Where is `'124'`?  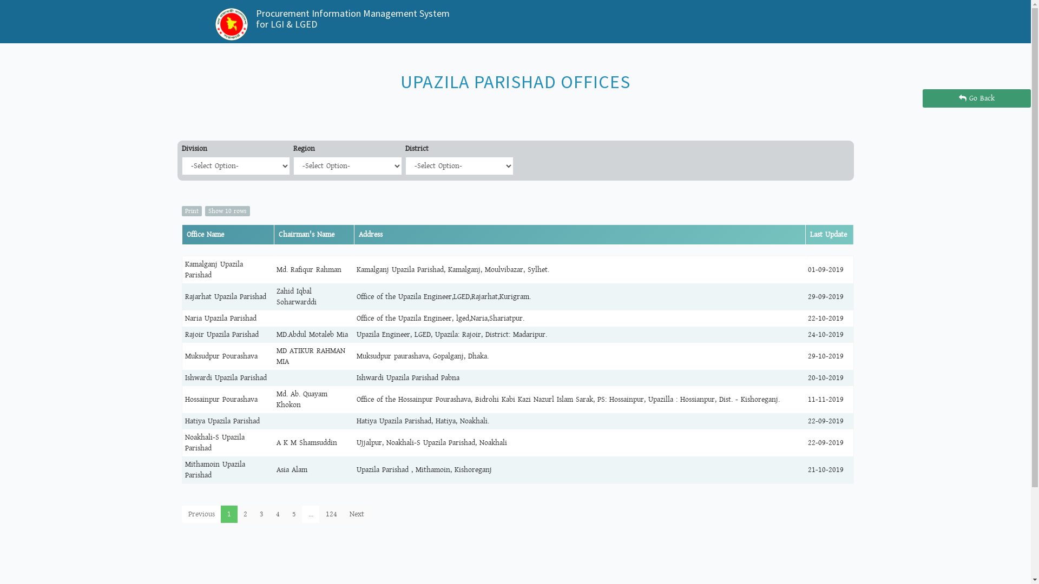 '124' is located at coordinates (331, 514).